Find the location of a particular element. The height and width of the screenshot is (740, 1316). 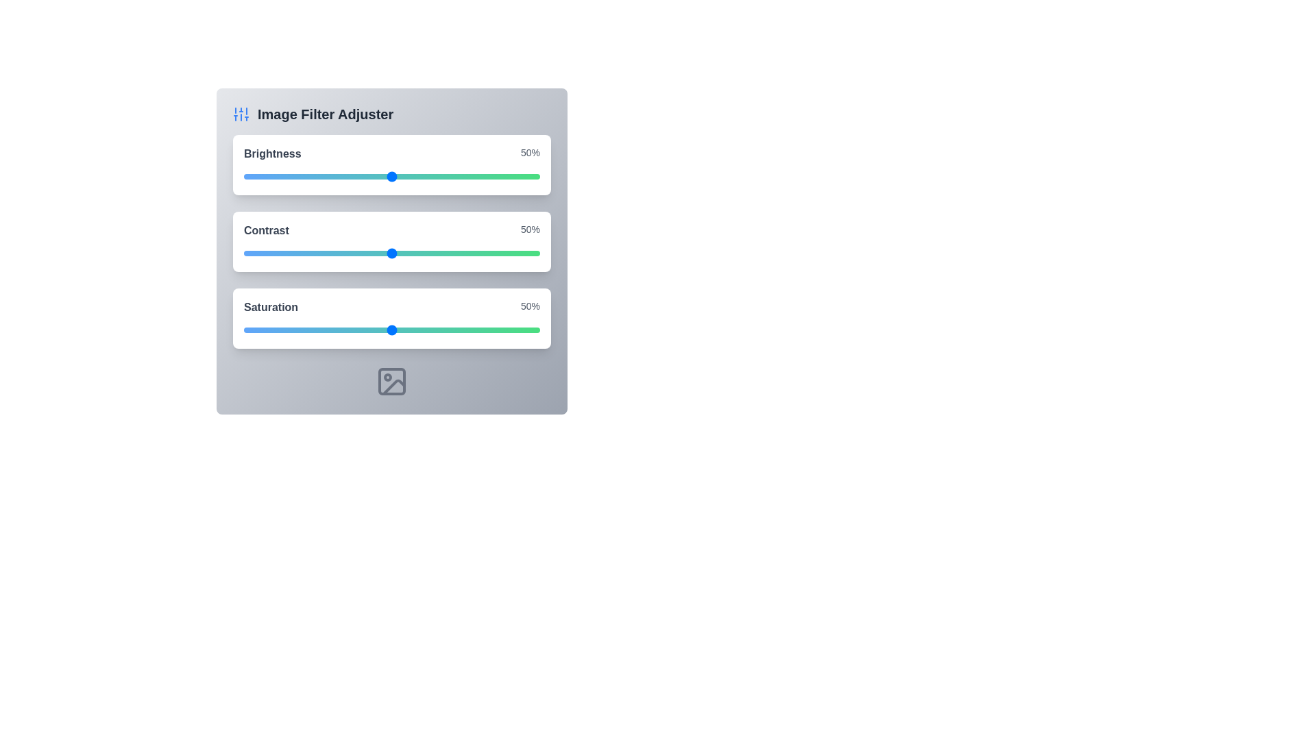

the saturation slider to 16% is located at coordinates (291, 330).